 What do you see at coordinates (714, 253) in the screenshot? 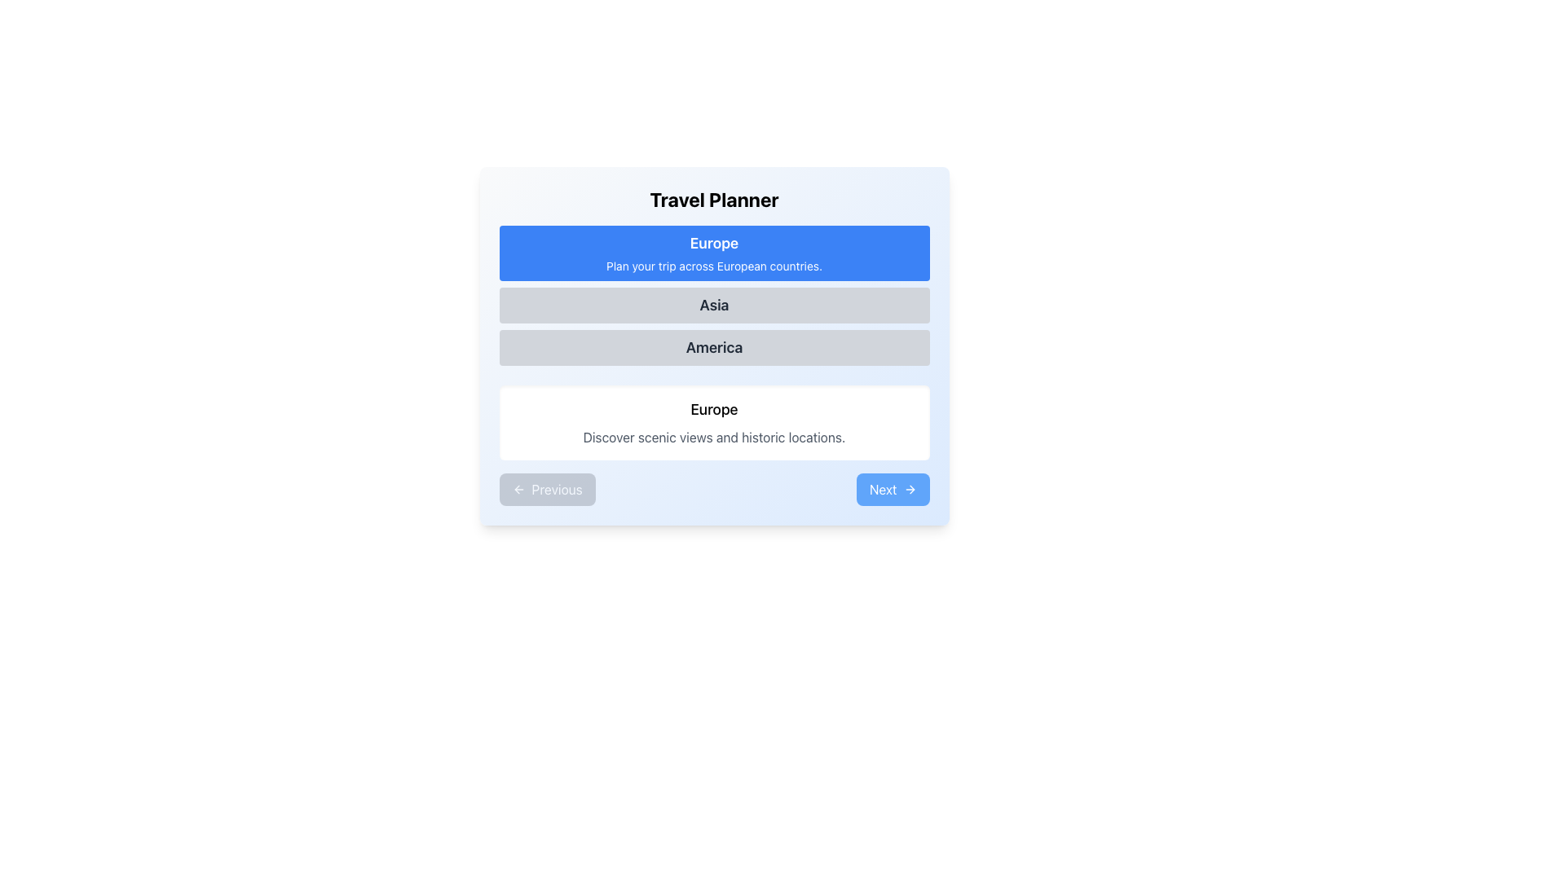
I see `the 'Europe' travel option button to visually highlight it, which is positioned at the top of the interface and centered horizontally among other region buttons` at bounding box center [714, 253].